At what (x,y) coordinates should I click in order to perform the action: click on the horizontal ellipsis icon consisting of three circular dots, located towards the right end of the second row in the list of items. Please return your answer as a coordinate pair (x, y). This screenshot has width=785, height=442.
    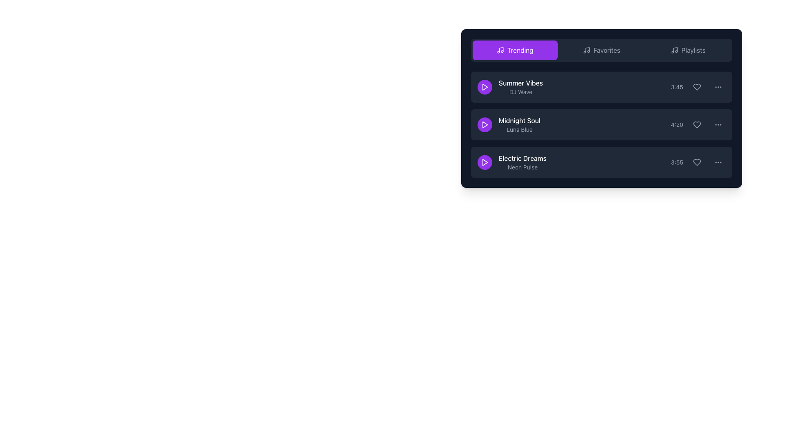
    Looking at the image, I should click on (718, 124).